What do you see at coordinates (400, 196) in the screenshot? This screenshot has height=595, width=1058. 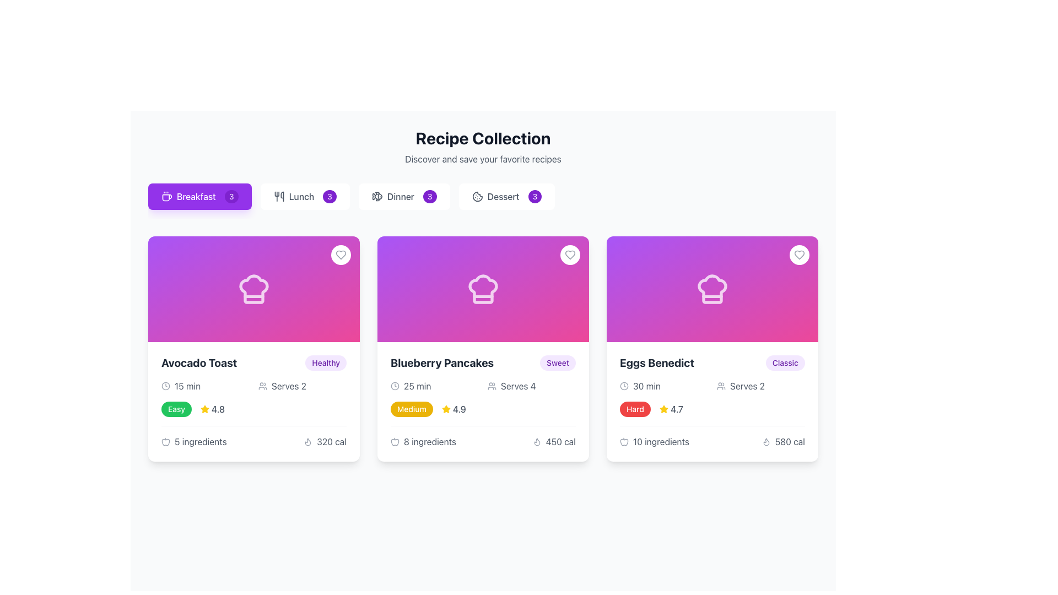 I see `the 'Dinner' text label, which is styled with a grayish font and located within the third button of a horizontally-aligned group of meal category buttons at the top-center of the page` at bounding box center [400, 196].